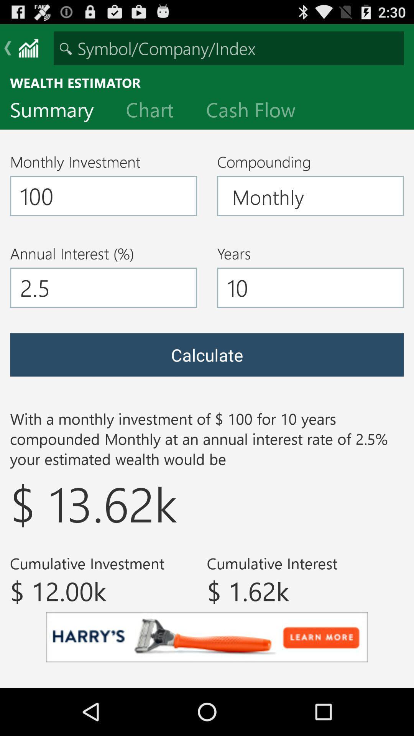  I want to click on the item to the left of chart icon, so click(58, 111).